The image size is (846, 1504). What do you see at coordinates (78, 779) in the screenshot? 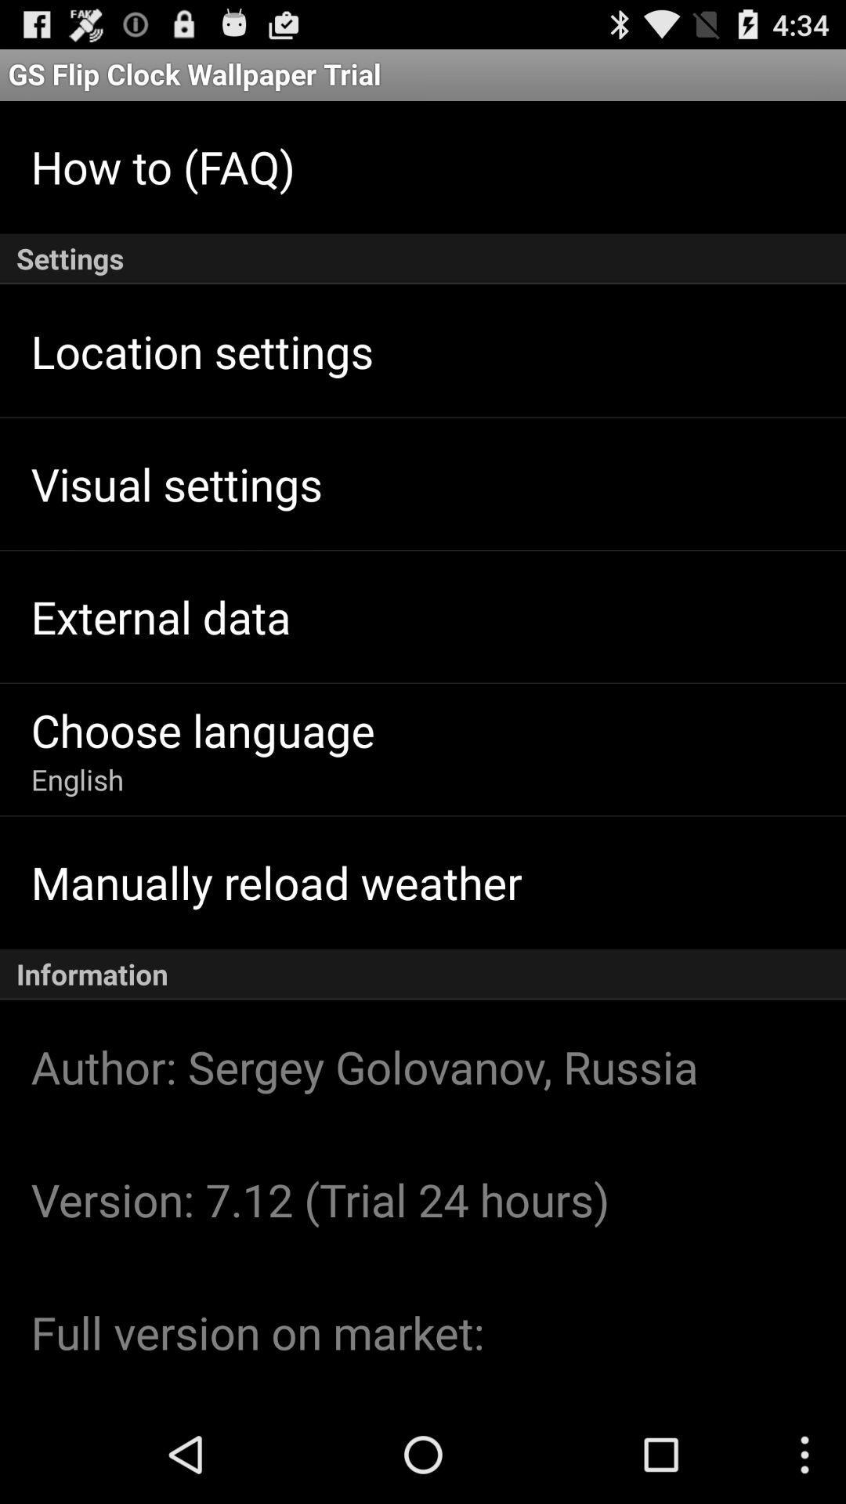
I see `app above the manually reload weather` at bounding box center [78, 779].